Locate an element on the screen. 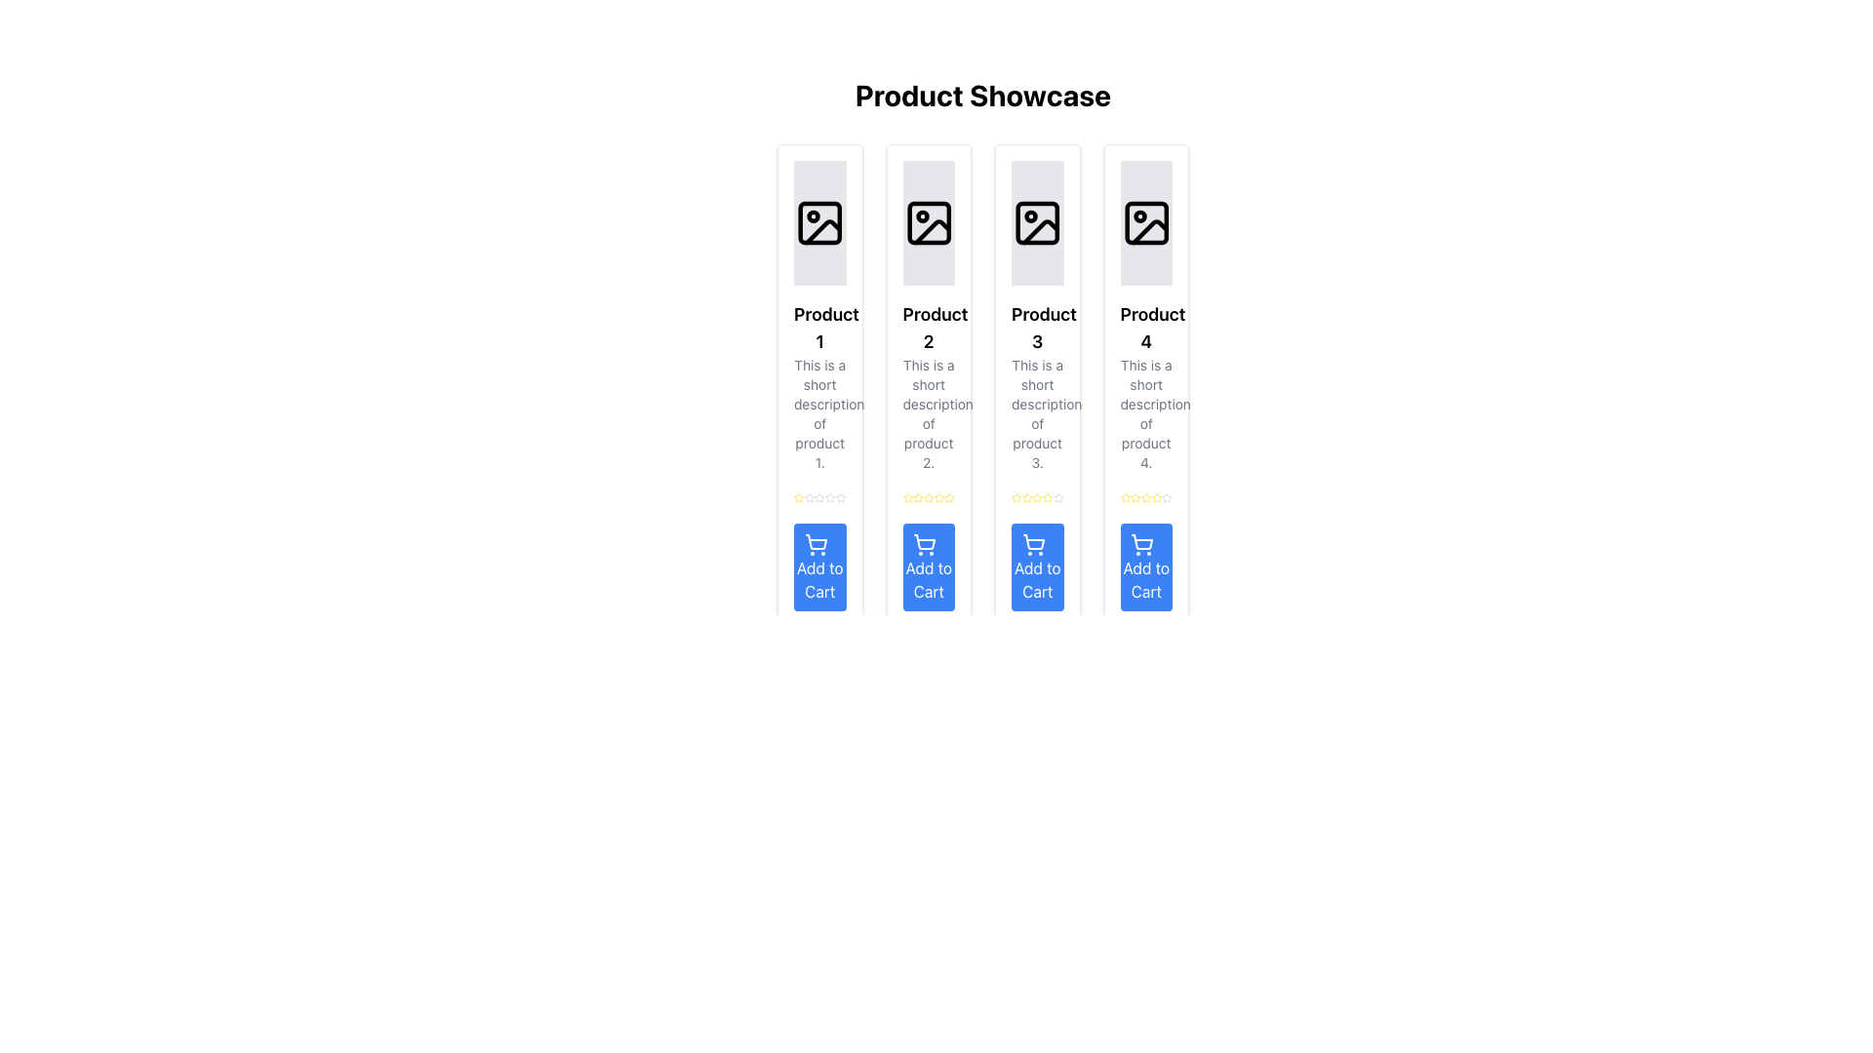 The width and height of the screenshot is (1873, 1053). the third star icon in the rating system for 'Product 3', which is yellow and used for ratings is located at coordinates (1026, 496).